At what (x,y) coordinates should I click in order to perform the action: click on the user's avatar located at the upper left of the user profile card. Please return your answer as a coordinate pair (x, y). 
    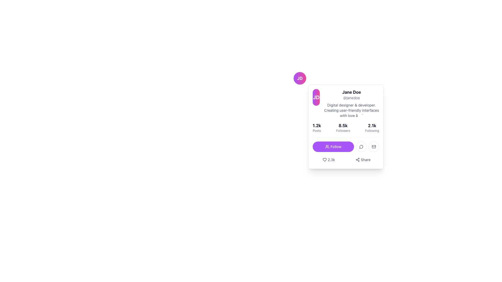
    Looking at the image, I should click on (300, 78).